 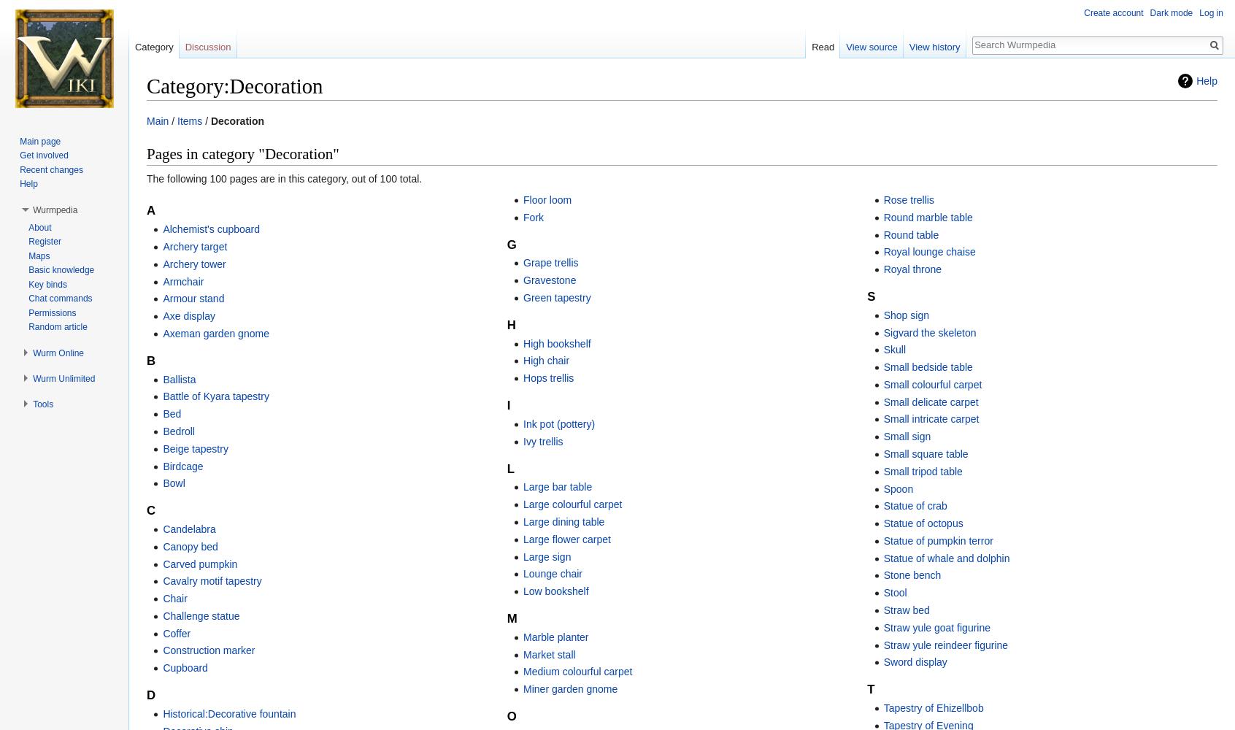 I want to click on 'Coffer', so click(x=163, y=632).